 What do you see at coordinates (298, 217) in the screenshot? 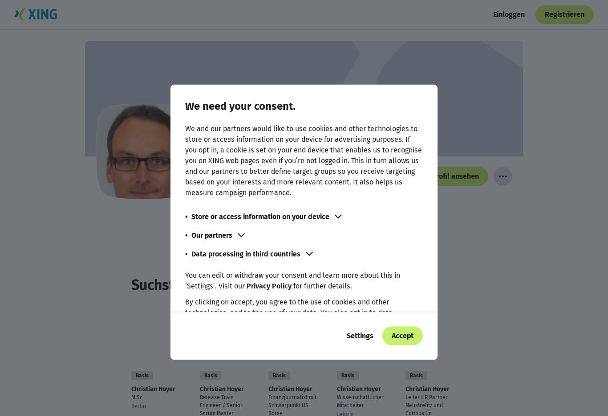
I see `', Deutschland'` at bounding box center [298, 217].